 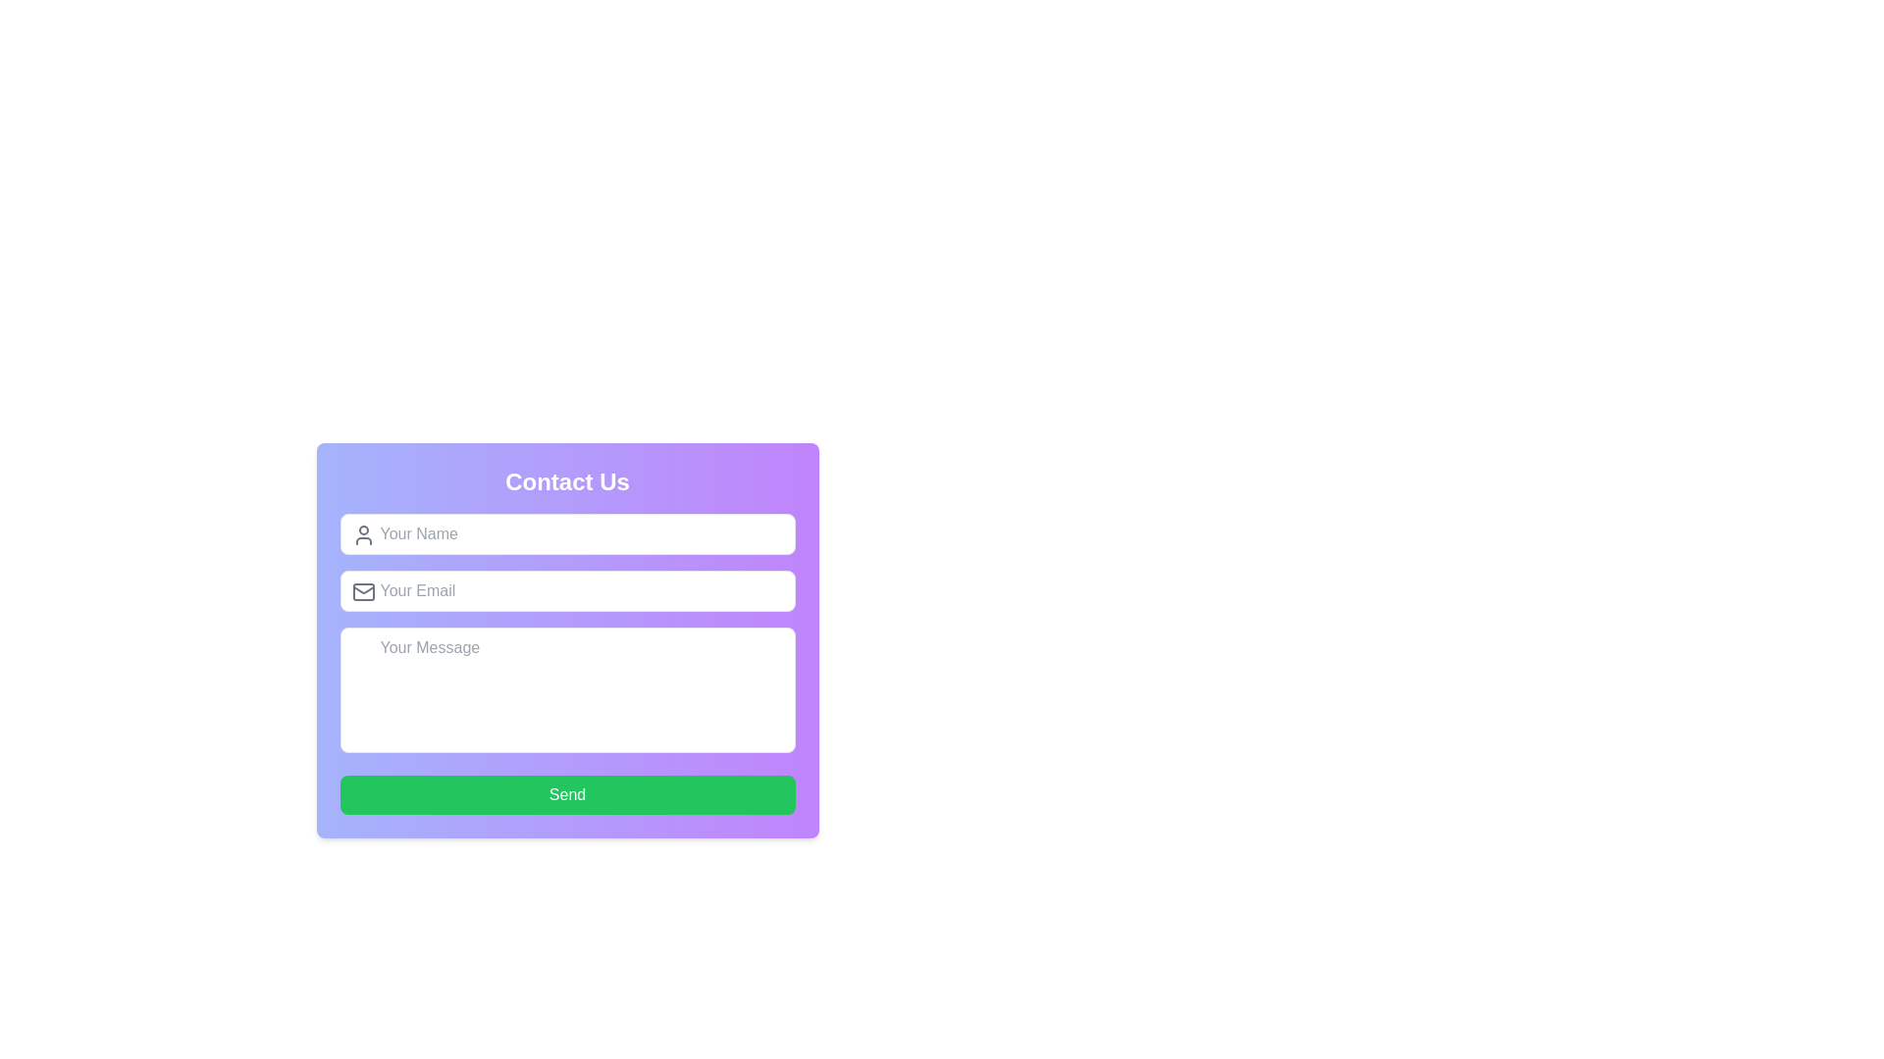 What do you see at coordinates (363, 591) in the screenshot?
I see `the decorative graphic element within the envelope icon, which emphasizes the email-related functionality of the 'Your Email' input field, located on the left side of the input field` at bounding box center [363, 591].